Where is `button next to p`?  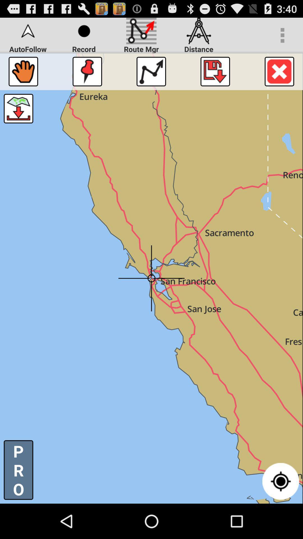 button next to p is located at coordinates (281, 481).